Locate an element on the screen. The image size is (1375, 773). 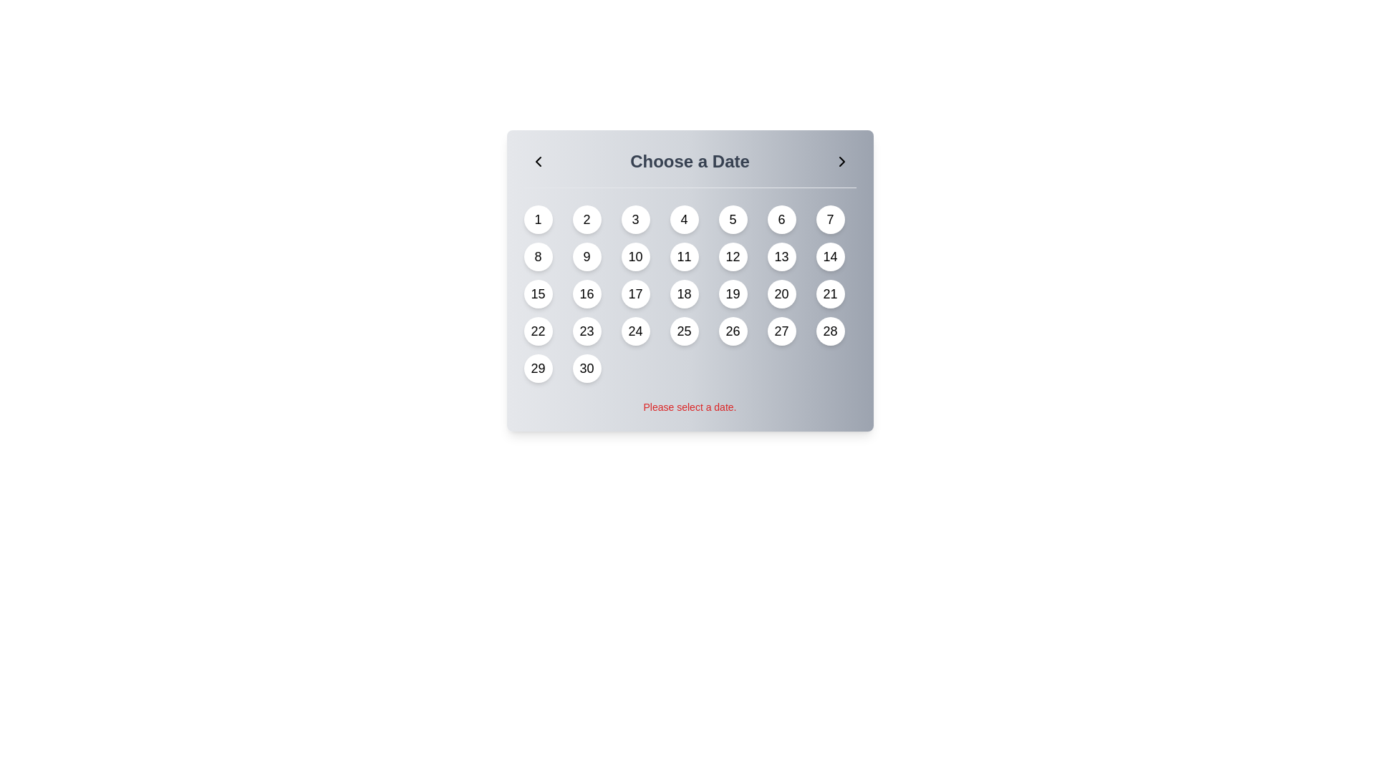
the round button displaying '11' is located at coordinates (683, 256).